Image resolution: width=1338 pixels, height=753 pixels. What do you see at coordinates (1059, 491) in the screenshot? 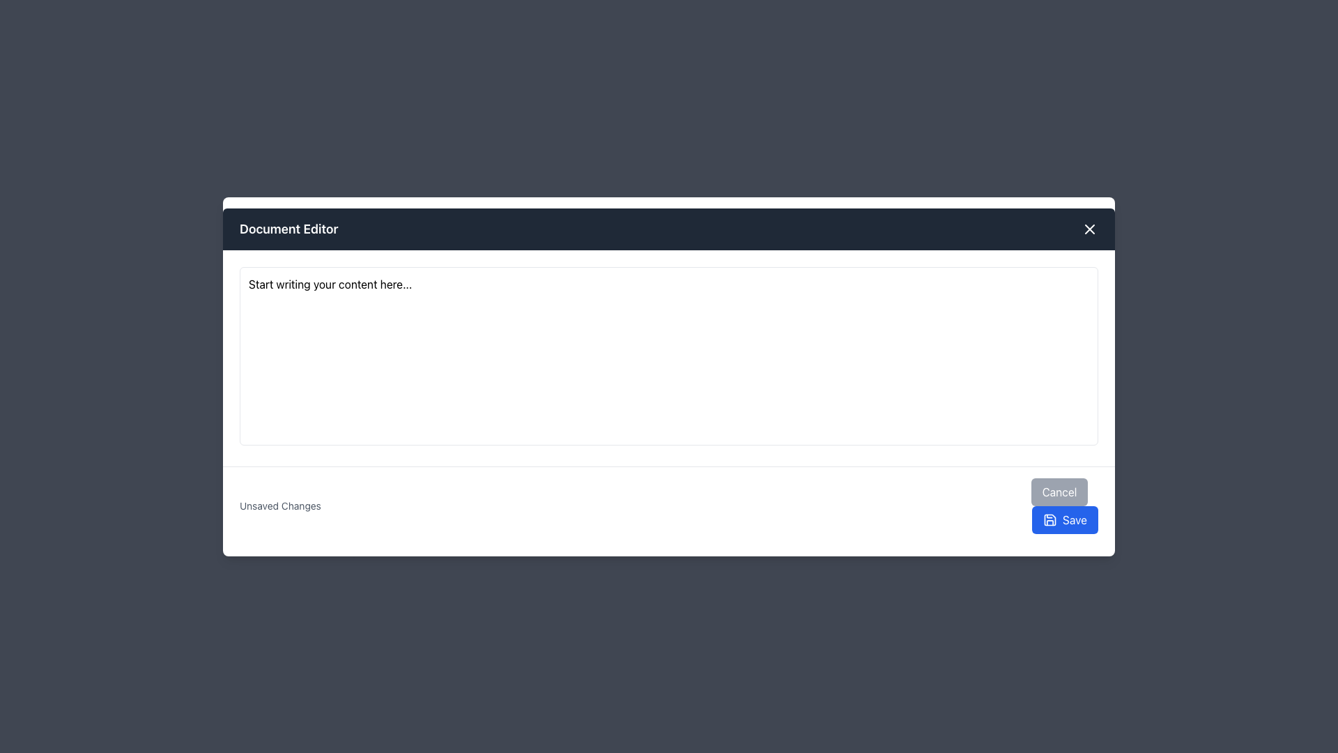
I see `the gray 'Cancel' button with rounded edges located at the bottom-right corner of the panel` at bounding box center [1059, 491].